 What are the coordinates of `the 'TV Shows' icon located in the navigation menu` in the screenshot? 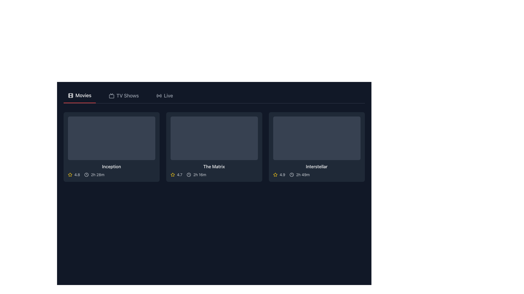 It's located at (111, 95).